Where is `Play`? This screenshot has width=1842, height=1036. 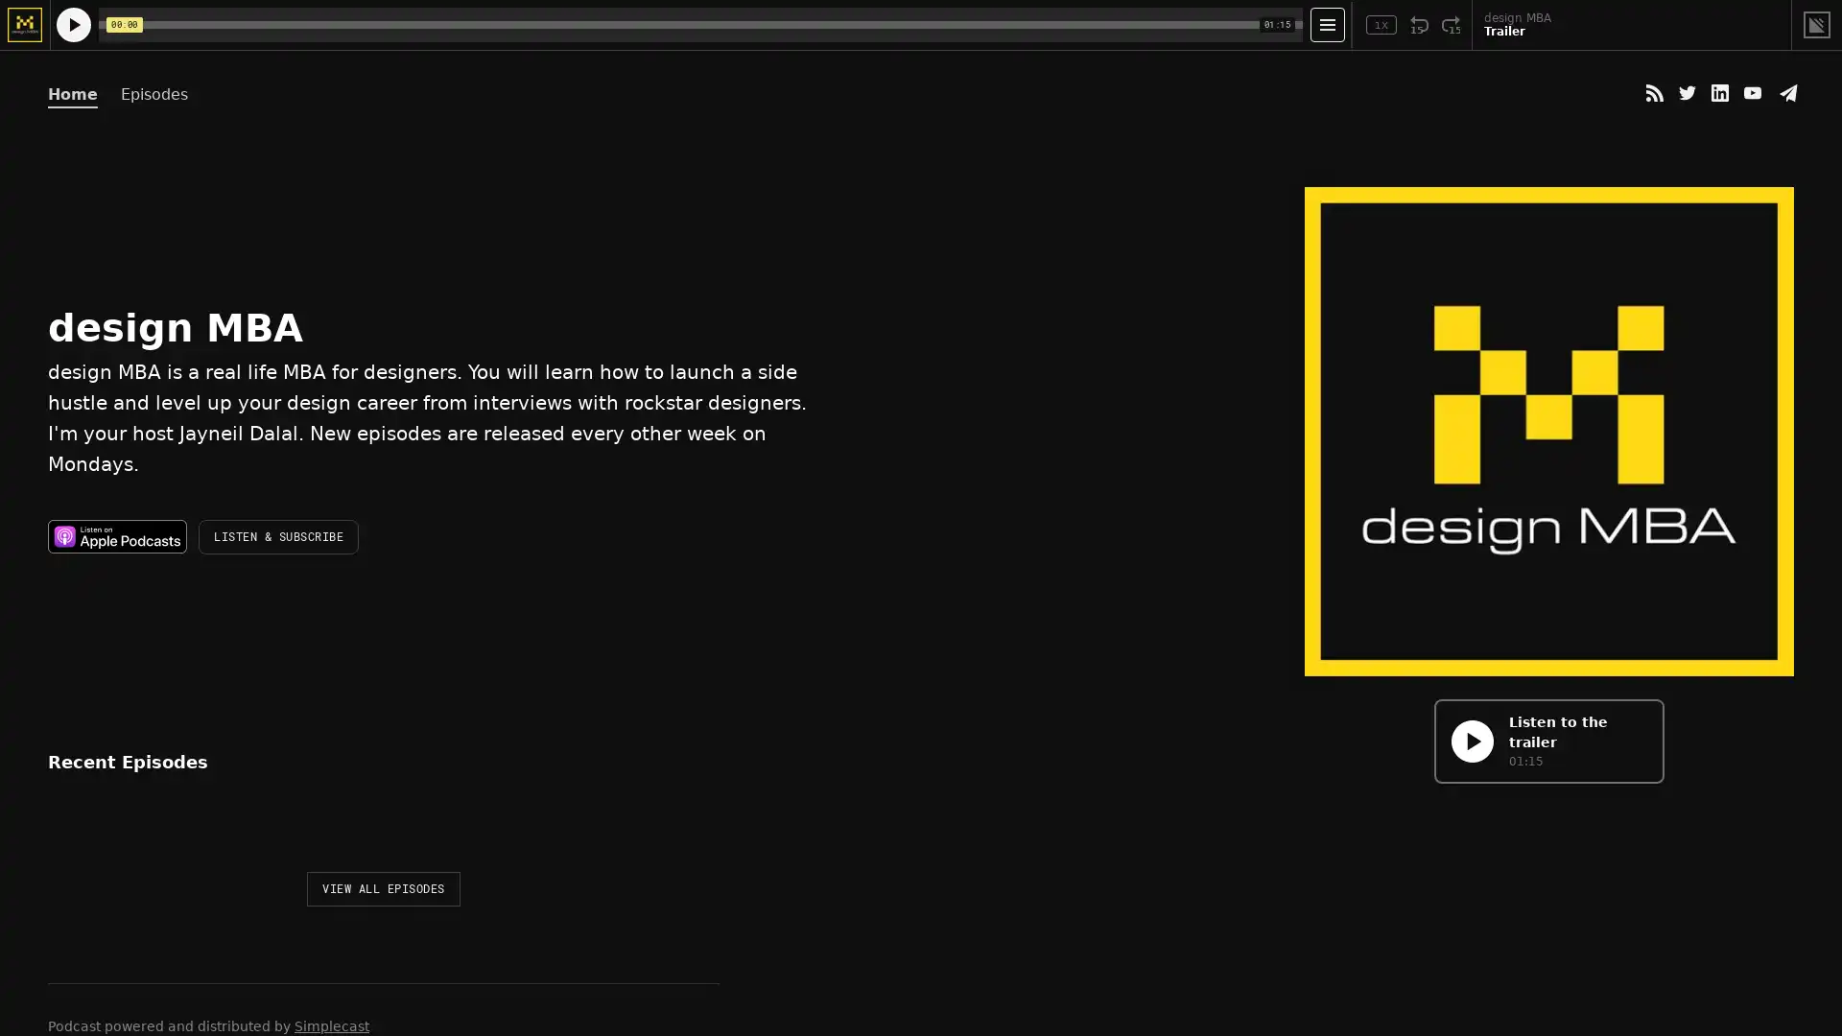
Play is located at coordinates (73, 25).